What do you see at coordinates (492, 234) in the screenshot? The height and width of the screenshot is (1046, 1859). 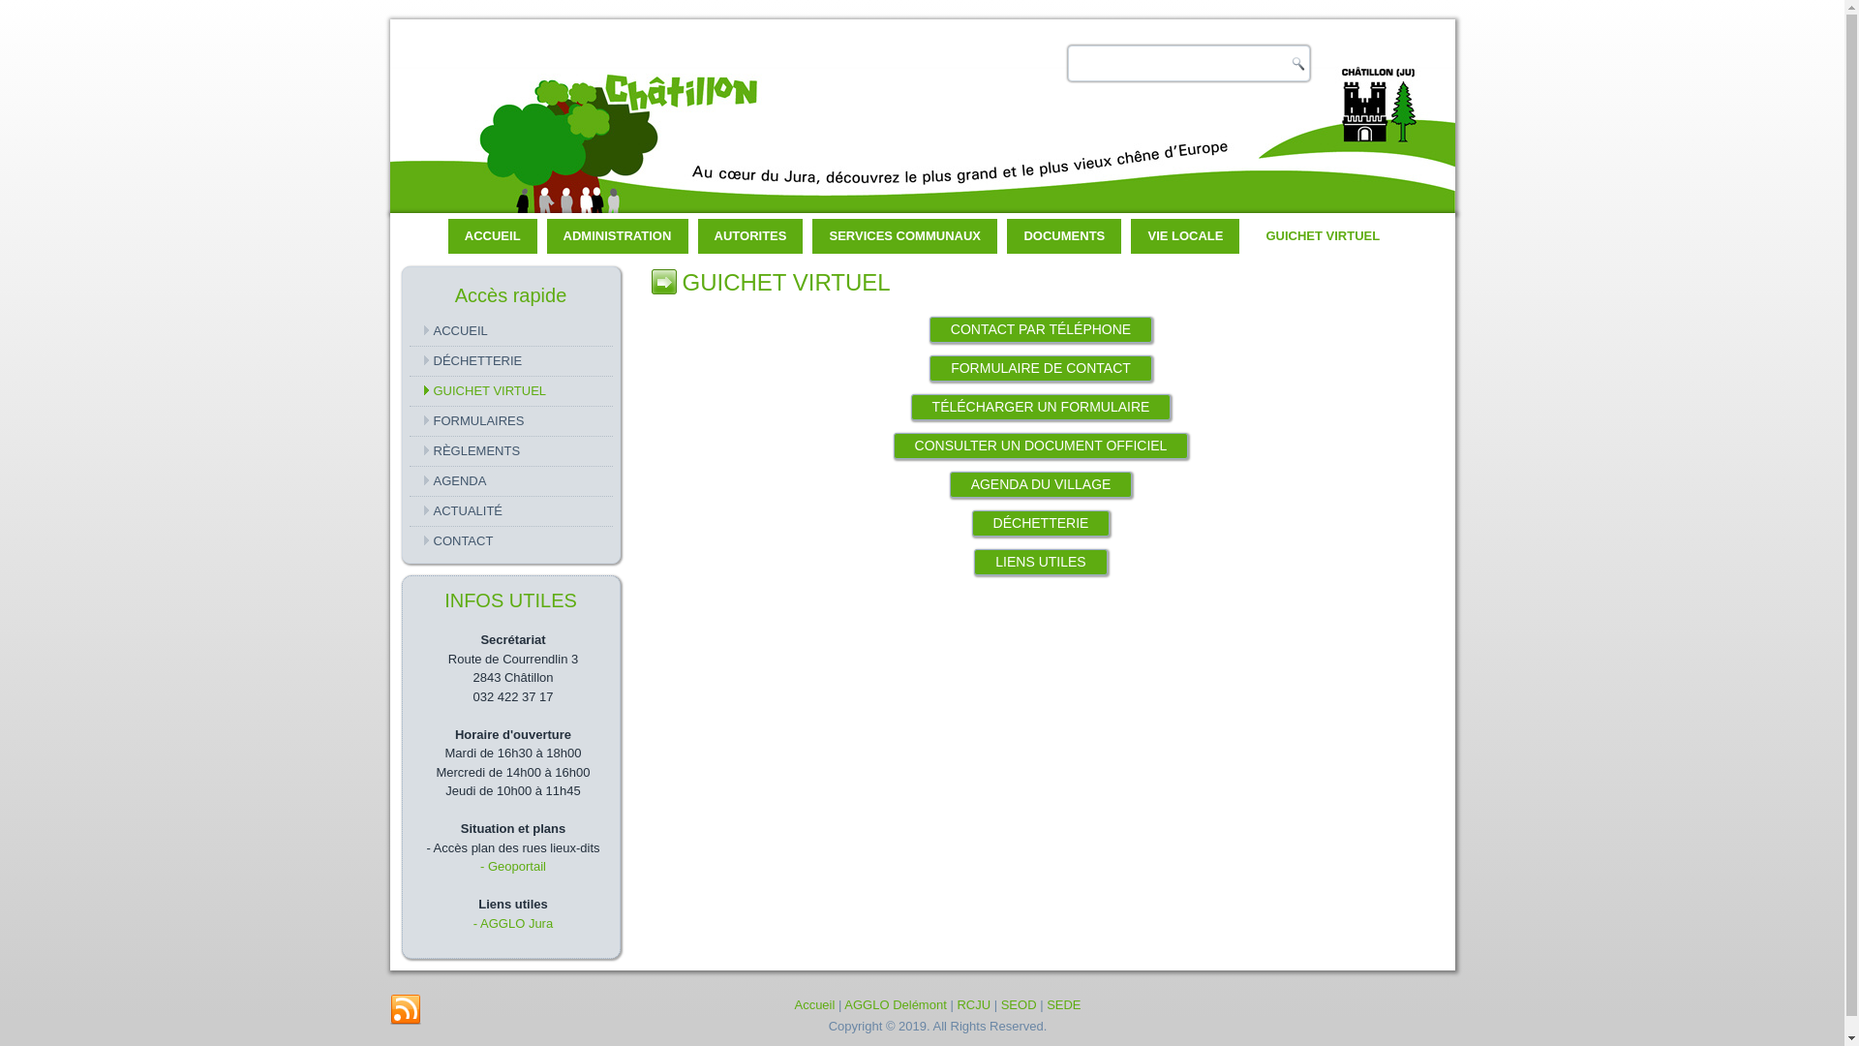 I see `'ACCUEIL'` at bounding box center [492, 234].